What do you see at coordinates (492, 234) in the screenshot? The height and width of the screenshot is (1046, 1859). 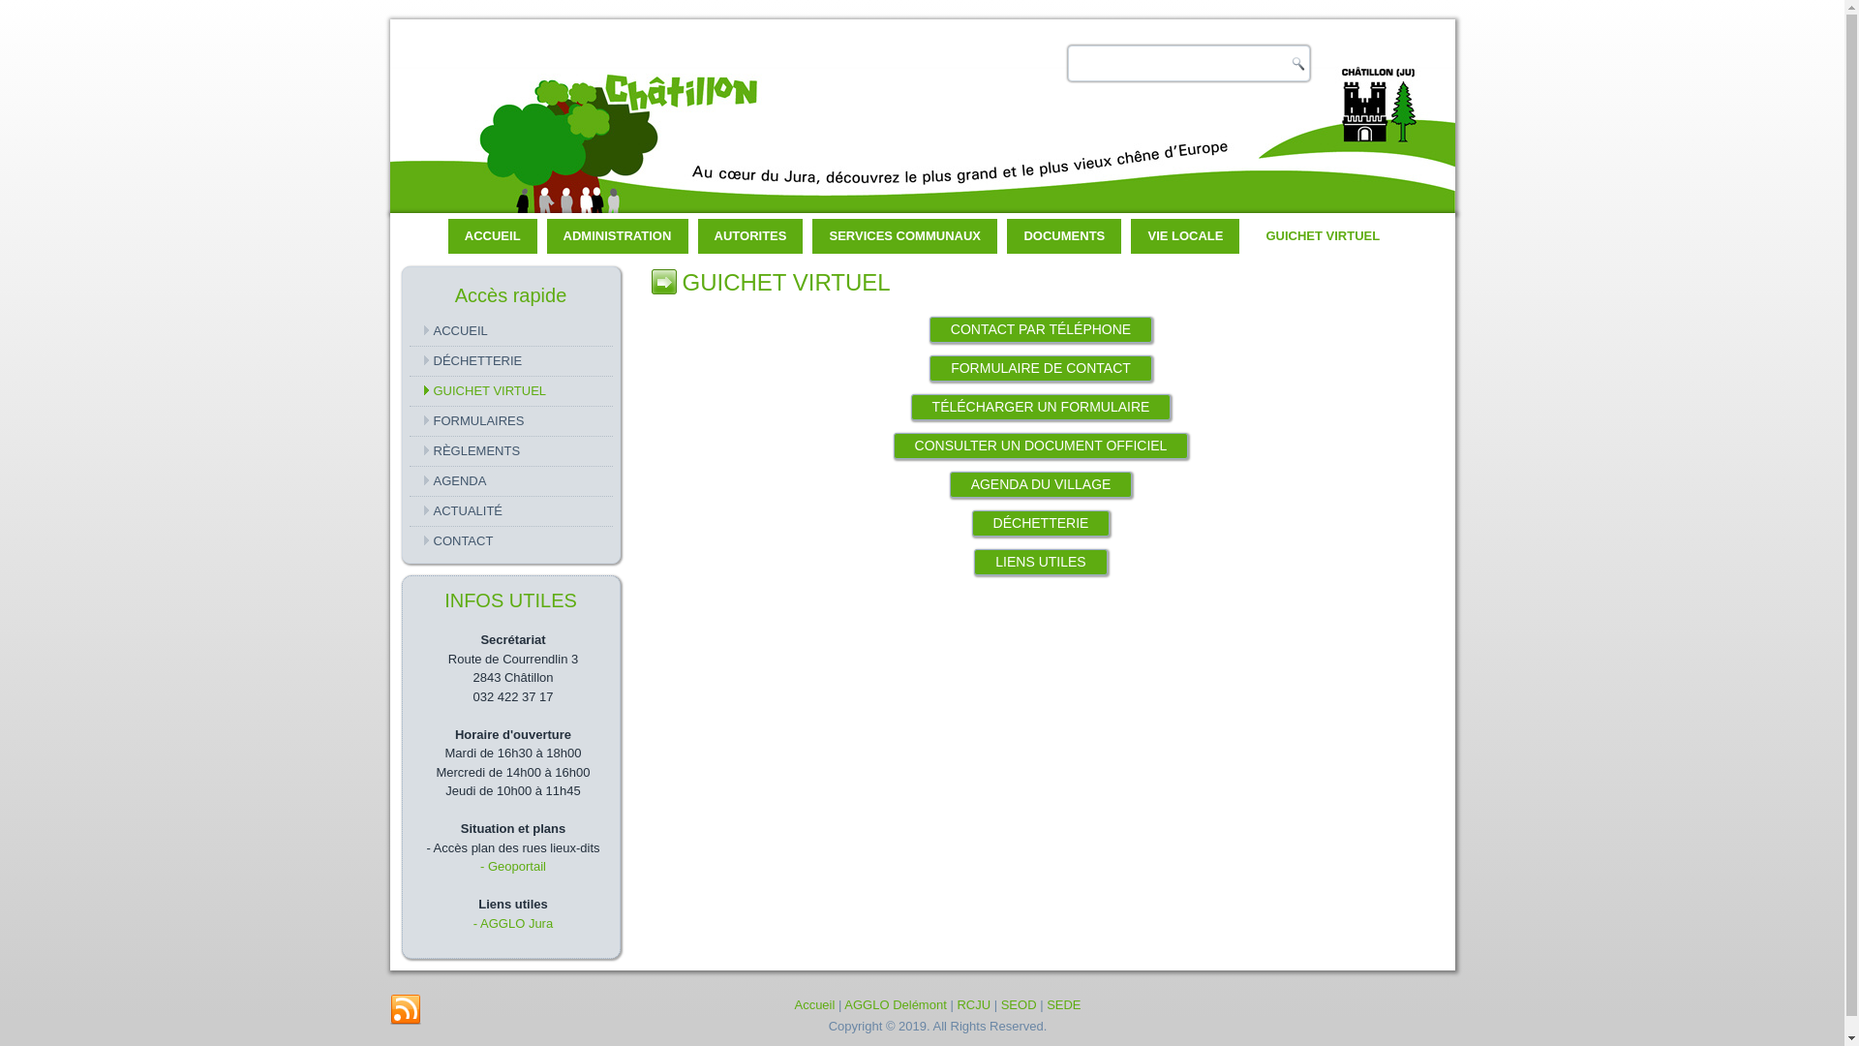 I see `'ACCUEIL'` at bounding box center [492, 234].